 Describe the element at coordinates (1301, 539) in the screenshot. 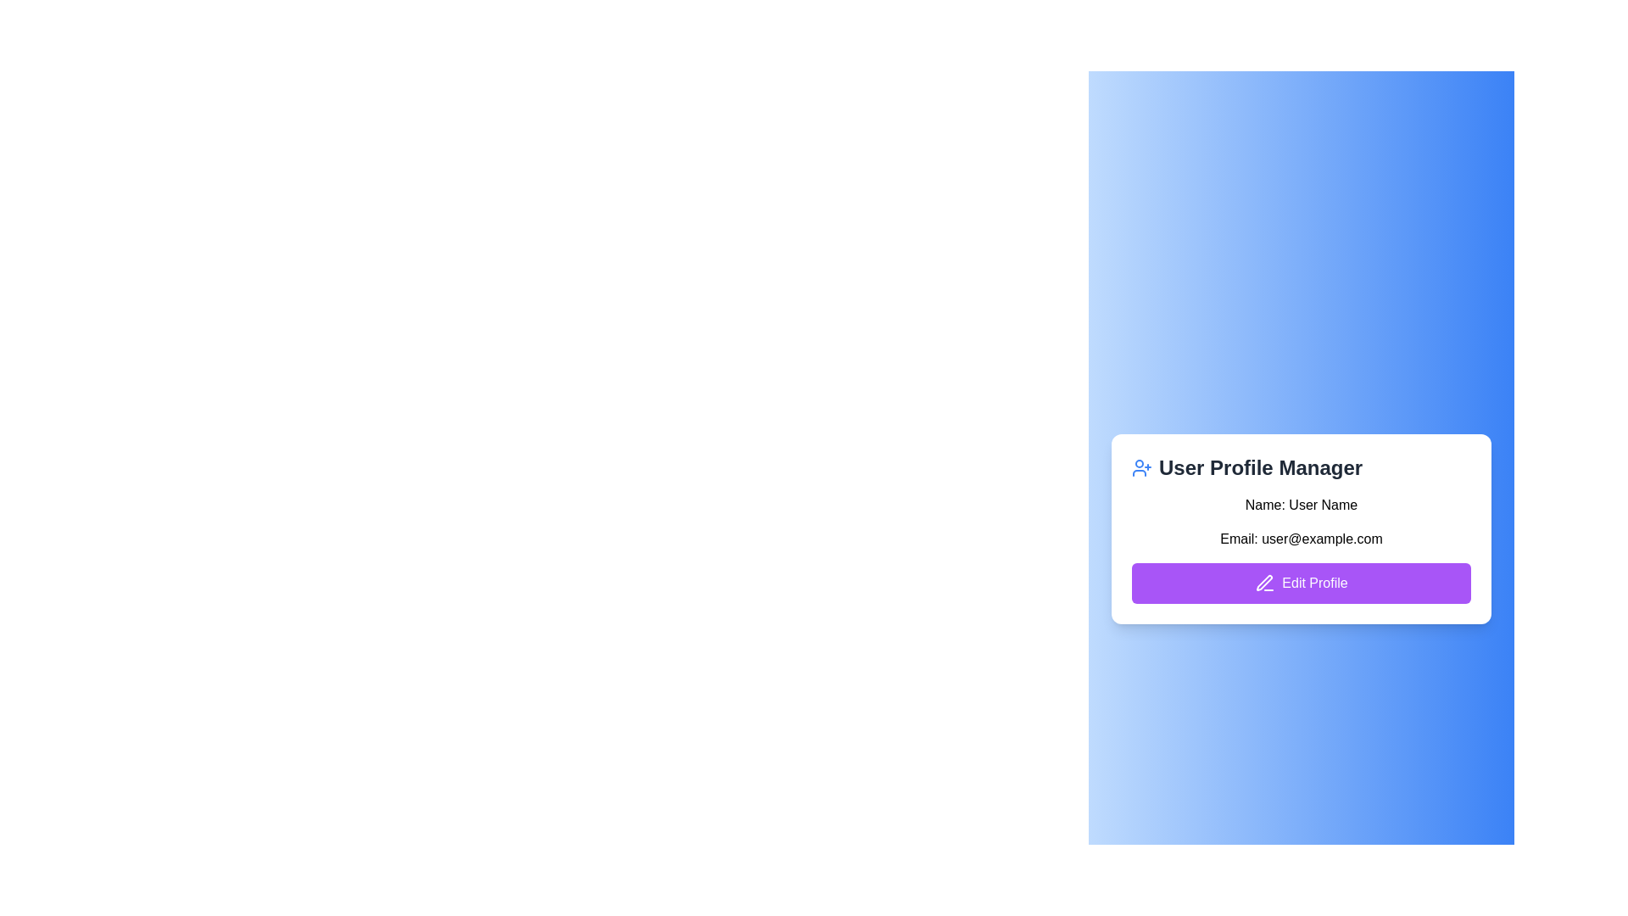

I see `the static text display showing 'Email: user@example.com', which is located below 'Name: User Name' and above the 'Edit Profile' button` at that location.